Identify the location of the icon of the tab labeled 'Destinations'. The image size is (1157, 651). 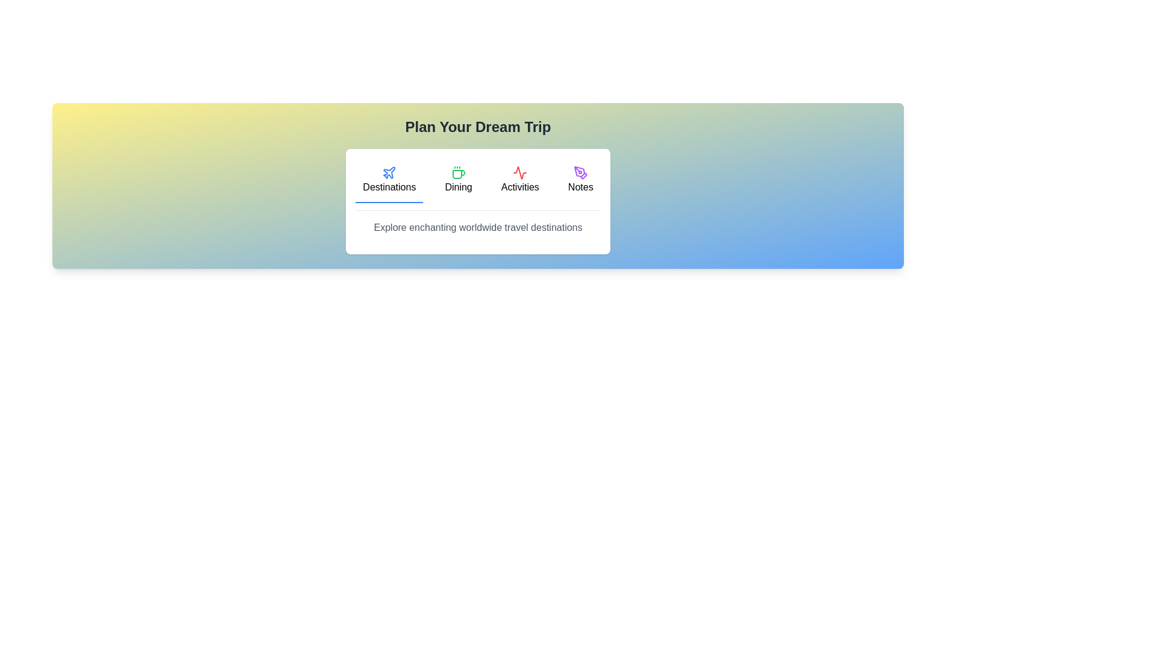
(389, 172).